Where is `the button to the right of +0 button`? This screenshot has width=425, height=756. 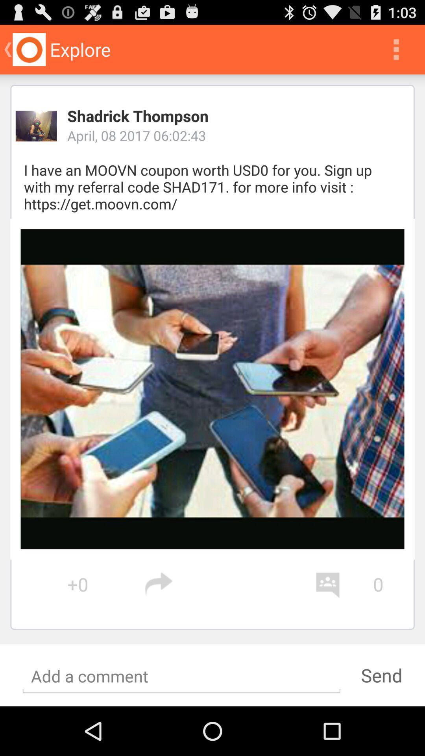 the button to the right of +0 button is located at coordinates (229, 584).